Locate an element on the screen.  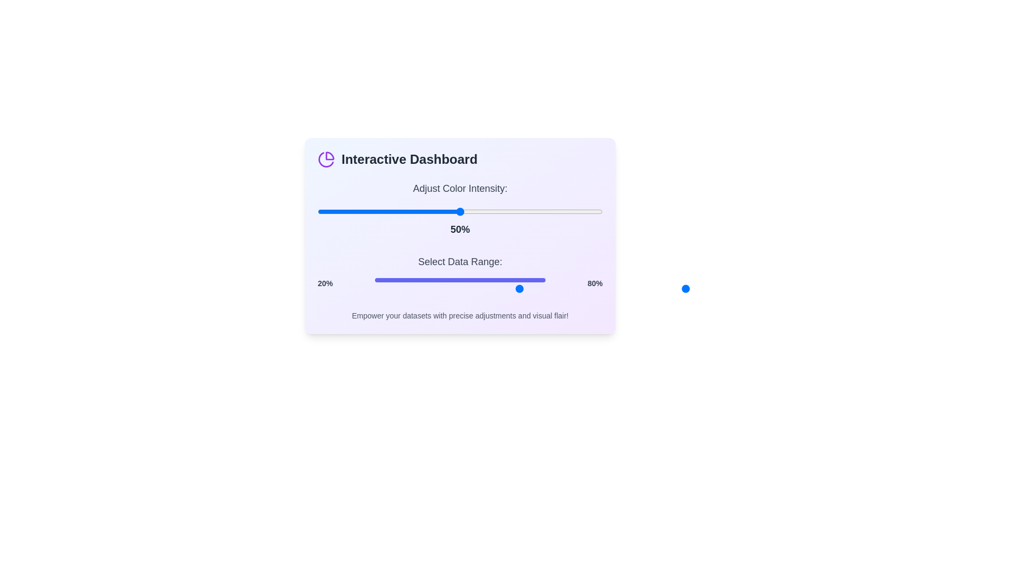
the color intensity is located at coordinates (346, 212).